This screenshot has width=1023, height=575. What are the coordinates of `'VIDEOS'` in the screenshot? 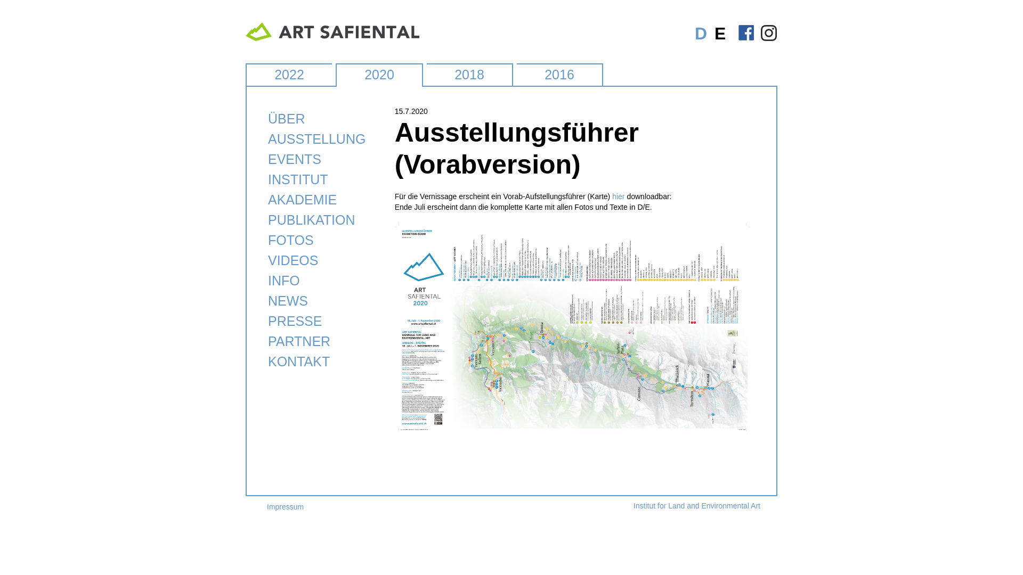 It's located at (293, 260).